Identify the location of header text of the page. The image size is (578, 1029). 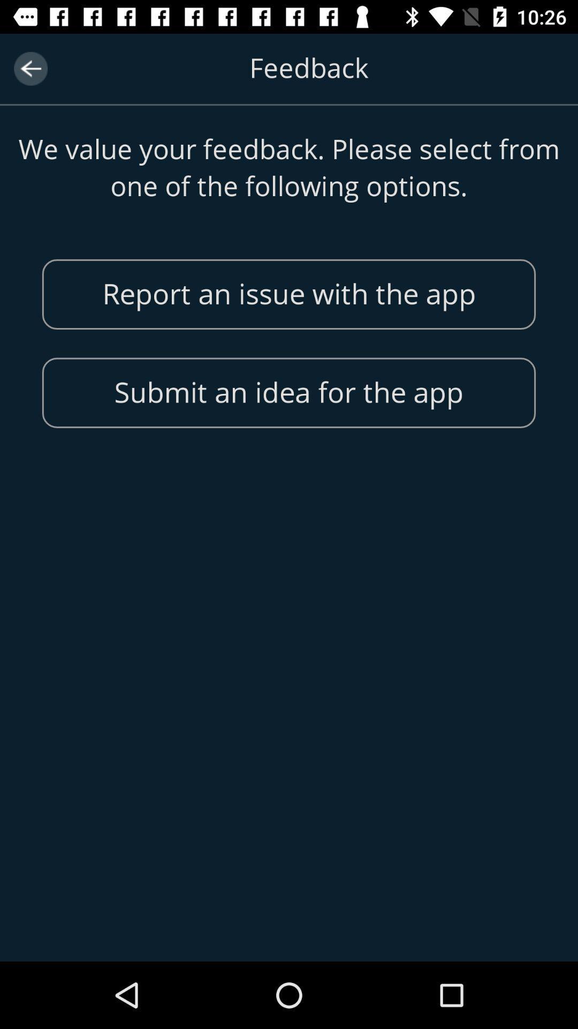
(289, 80).